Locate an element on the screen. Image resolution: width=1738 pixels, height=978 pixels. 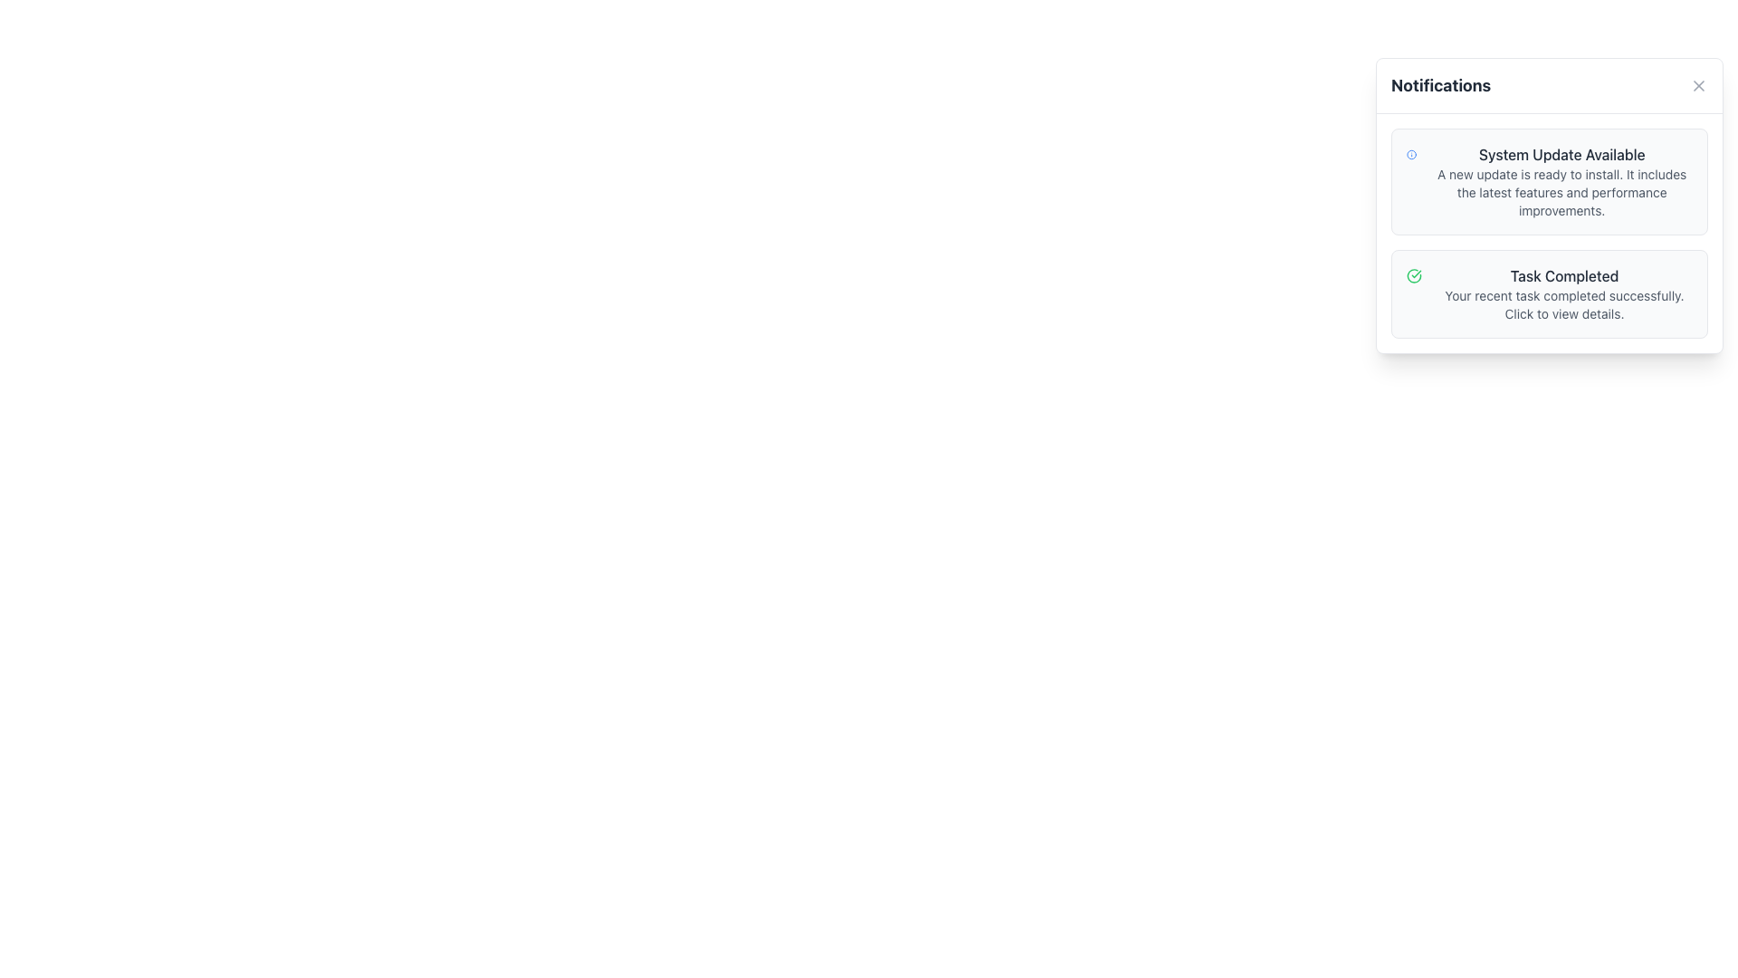
the topmost Informational Notification in the notifications panel that informs the user about an available system update is located at coordinates (1561, 181).